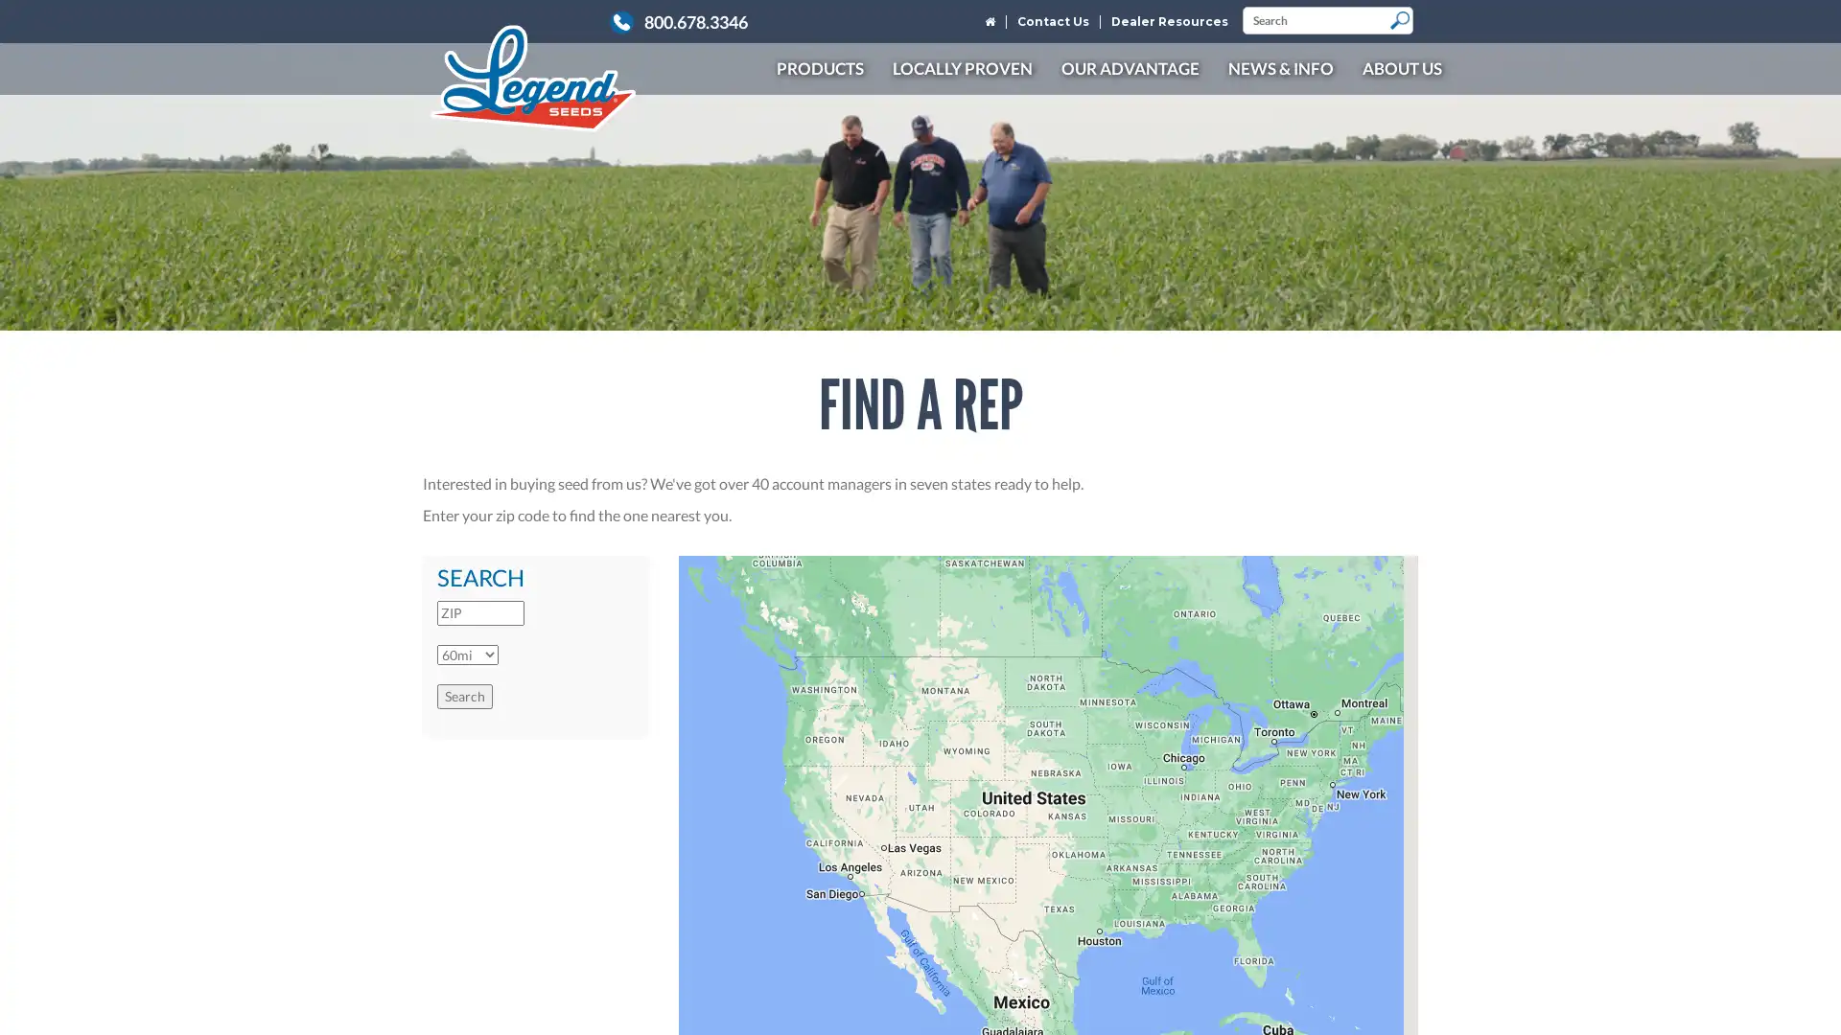 The height and width of the screenshot is (1035, 1841). What do you see at coordinates (464, 695) in the screenshot?
I see `Search` at bounding box center [464, 695].